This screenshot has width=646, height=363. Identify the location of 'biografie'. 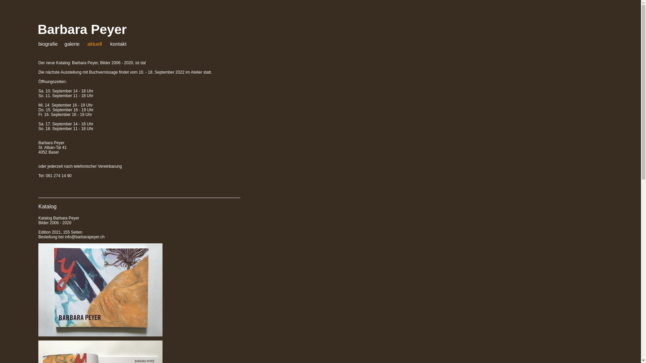
(48, 44).